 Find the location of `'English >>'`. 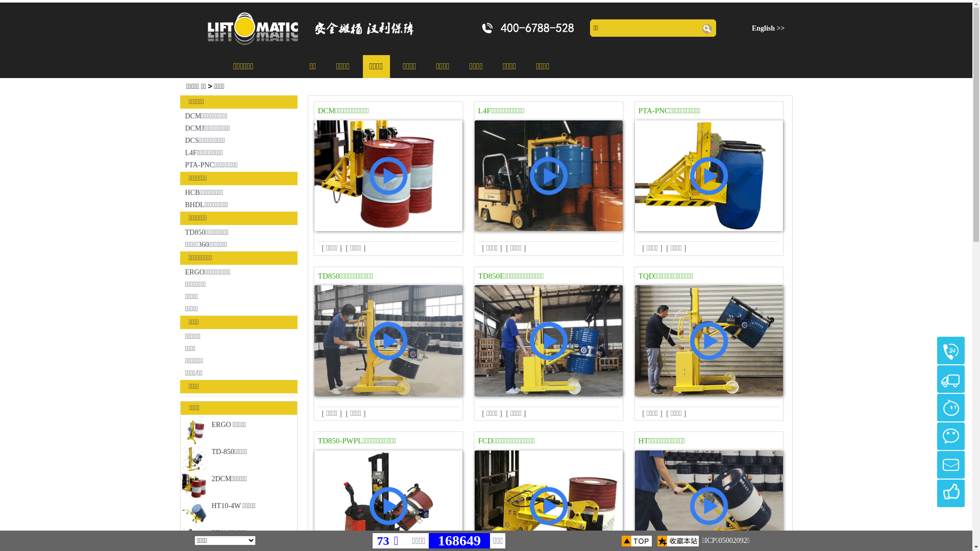

'English >>' is located at coordinates (768, 28).